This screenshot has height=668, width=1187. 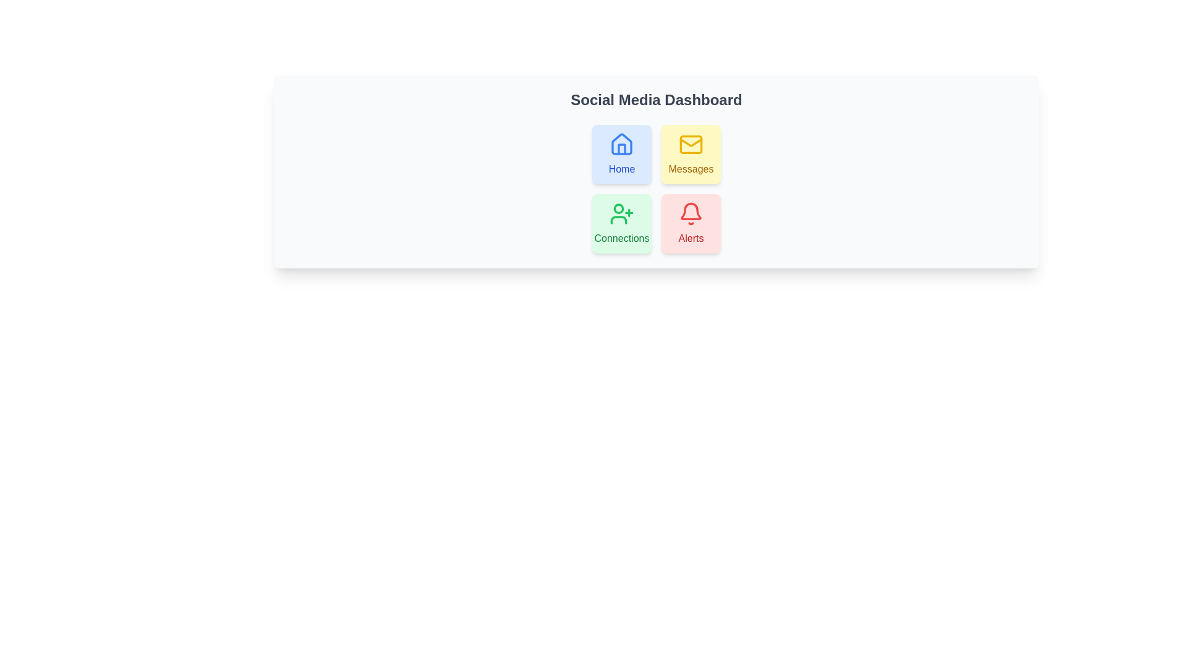 What do you see at coordinates (622, 143) in the screenshot?
I see `the upper-left house icon, which is a stylized graphical representation of a house with a blue stroke color, located in the top-left quadrant of the dashboard section` at bounding box center [622, 143].